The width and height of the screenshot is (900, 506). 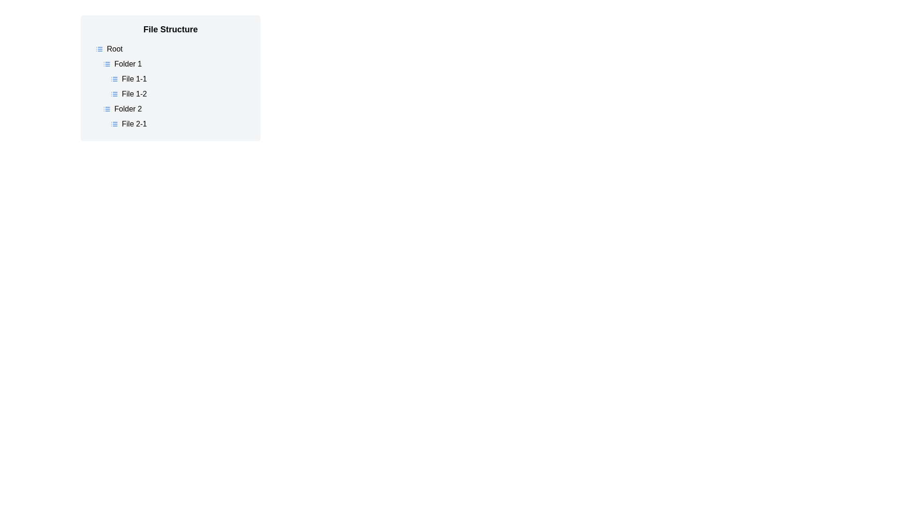 I want to click on the 'Root' label, which represents the main entry of the file tree structure, located under the 'File Structure' header, so click(x=114, y=49).